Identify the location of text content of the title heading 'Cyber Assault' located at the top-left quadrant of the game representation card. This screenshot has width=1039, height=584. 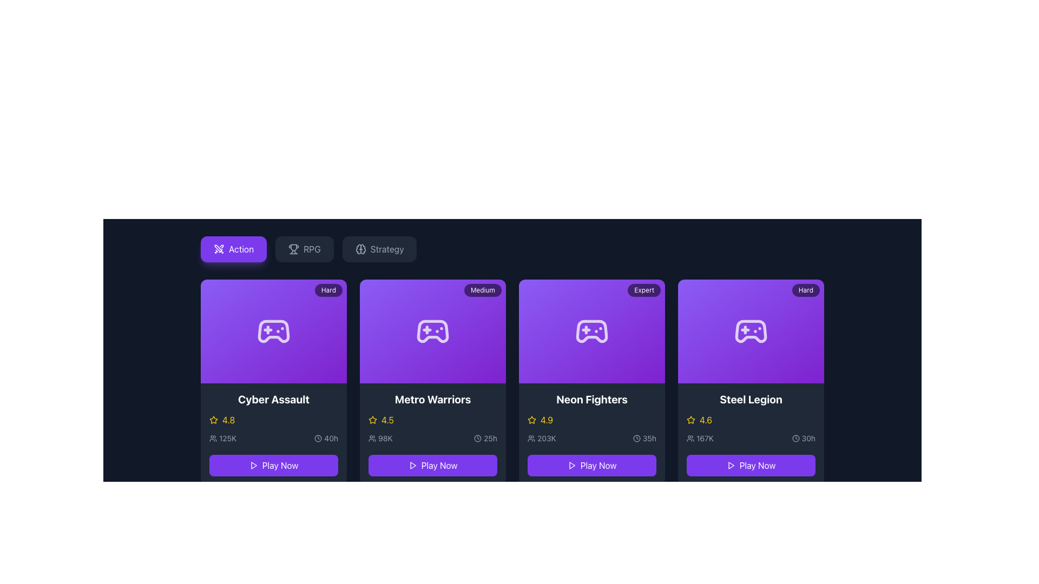
(273, 400).